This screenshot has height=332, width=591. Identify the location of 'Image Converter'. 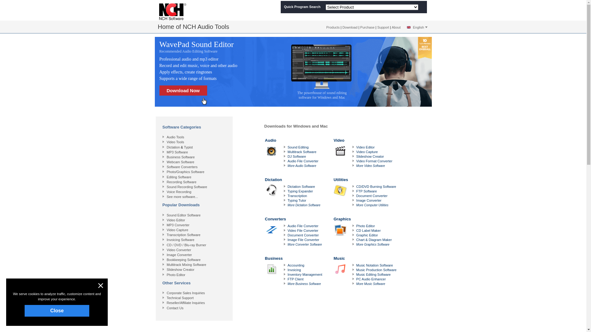
(369, 200).